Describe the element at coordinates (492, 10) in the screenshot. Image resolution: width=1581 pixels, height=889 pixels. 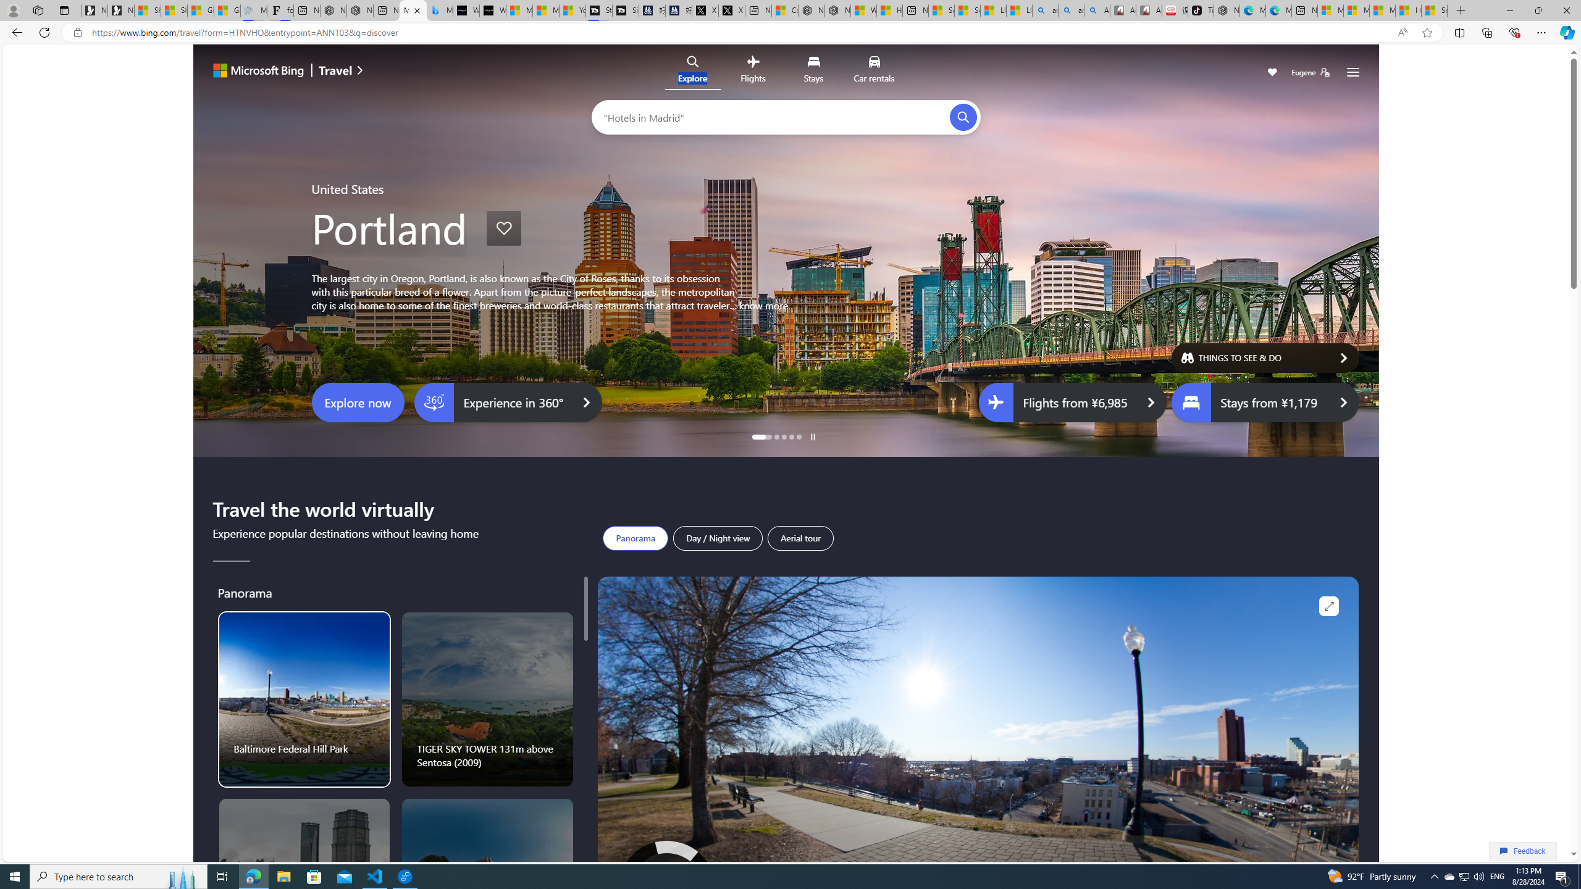
I see `'What'` at that location.